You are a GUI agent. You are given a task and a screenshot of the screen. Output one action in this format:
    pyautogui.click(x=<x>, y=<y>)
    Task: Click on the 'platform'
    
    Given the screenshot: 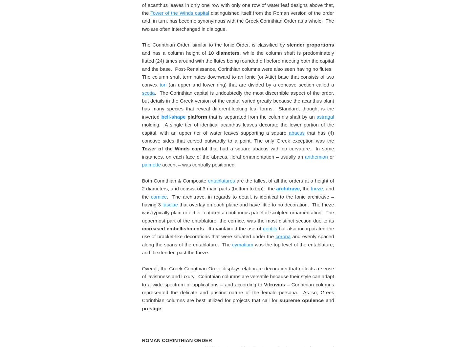 What is the action you would take?
    pyautogui.click(x=196, y=320)
    